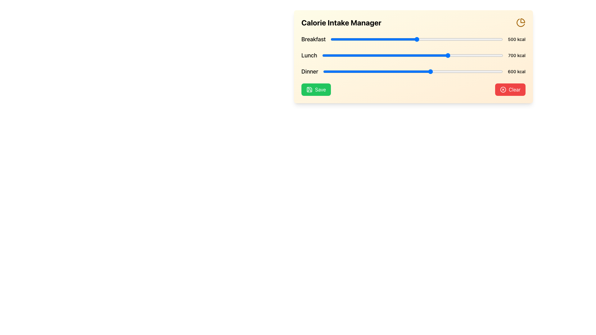  I want to click on the red 'Clear' button with rounded corners, labeled in white text, featuring an 'X' icon, to observe the hover effects, so click(510, 90).